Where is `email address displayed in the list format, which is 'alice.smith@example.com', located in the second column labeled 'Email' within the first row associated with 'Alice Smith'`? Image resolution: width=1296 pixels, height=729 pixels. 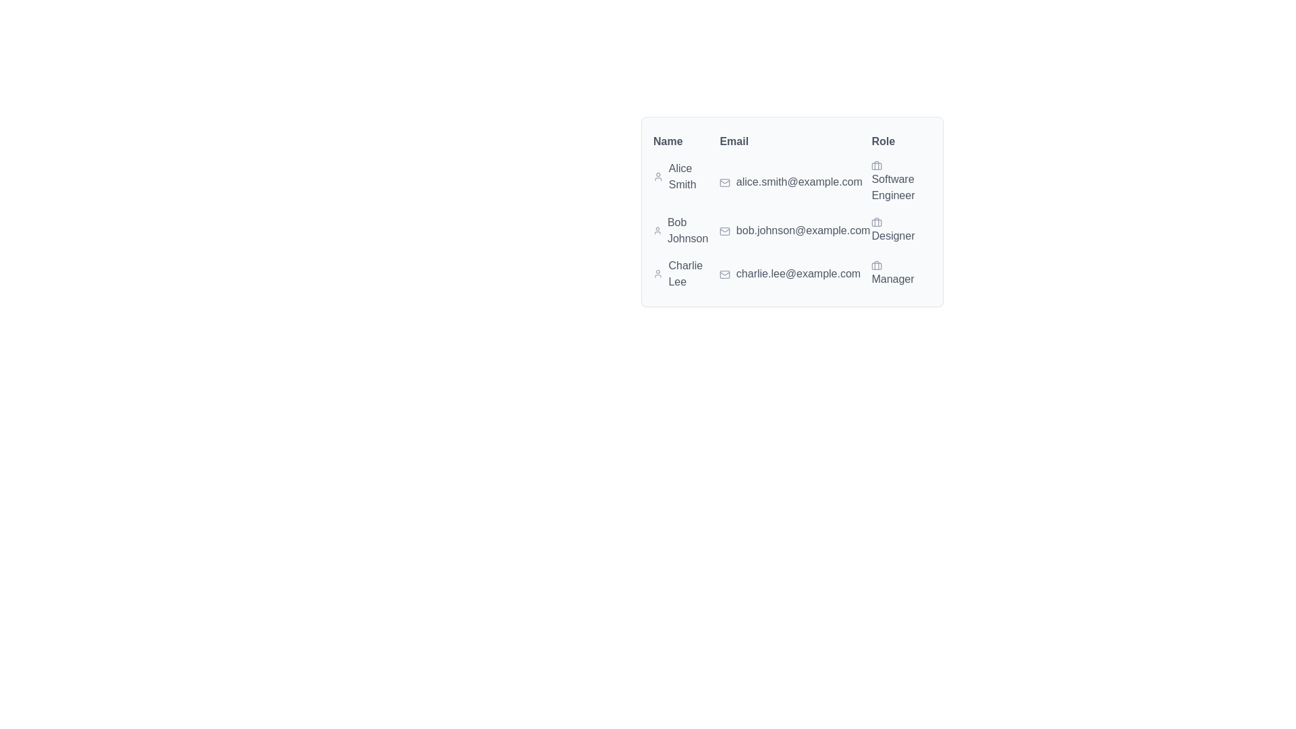 email address displayed in the list format, which is 'alice.smith@example.com', located in the second column labeled 'Email' within the first row associated with 'Alice Smith' is located at coordinates (794, 182).